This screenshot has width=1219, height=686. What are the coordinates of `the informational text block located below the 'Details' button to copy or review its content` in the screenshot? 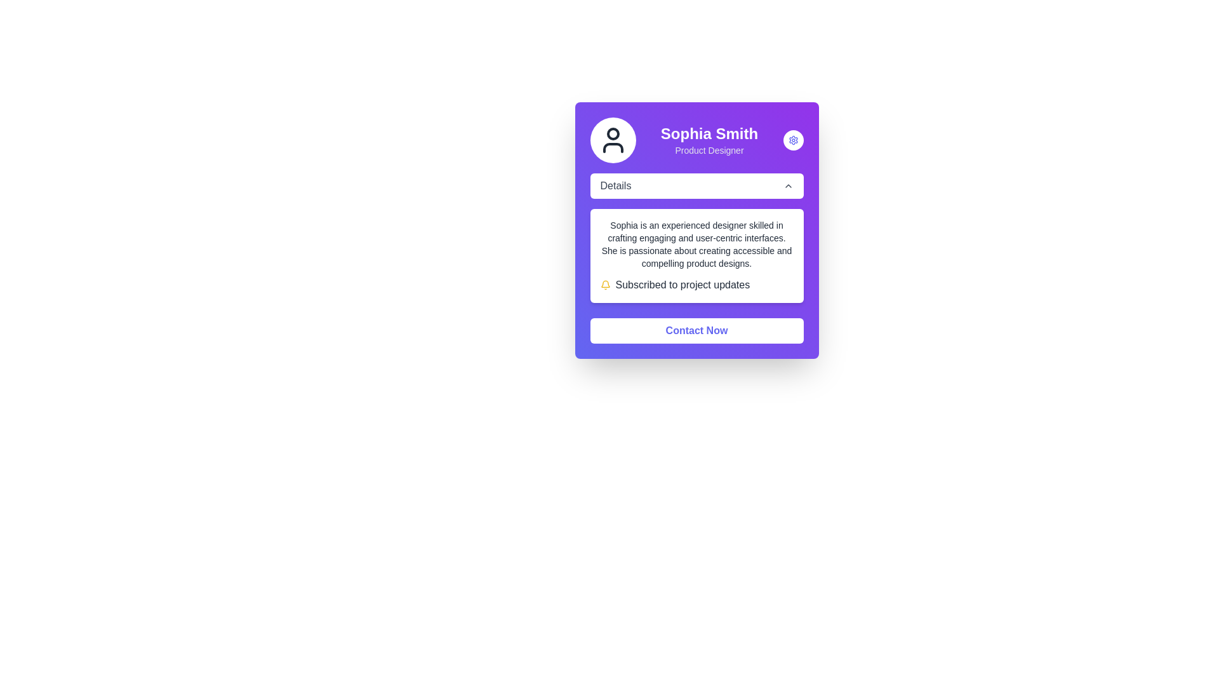 It's located at (696, 238).